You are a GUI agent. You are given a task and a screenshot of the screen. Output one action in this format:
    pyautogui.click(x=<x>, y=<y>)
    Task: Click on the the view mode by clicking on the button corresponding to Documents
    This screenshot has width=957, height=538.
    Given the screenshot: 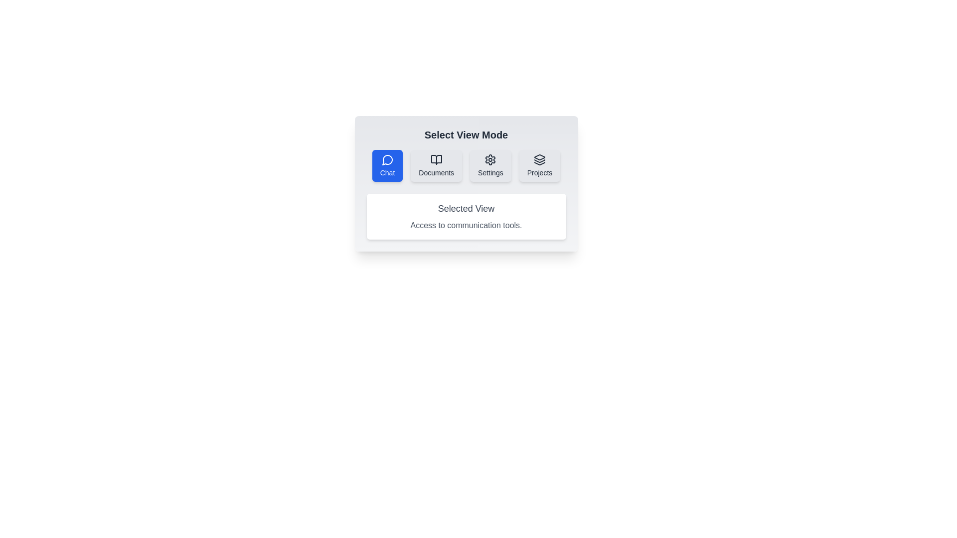 What is the action you would take?
    pyautogui.click(x=436, y=165)
    